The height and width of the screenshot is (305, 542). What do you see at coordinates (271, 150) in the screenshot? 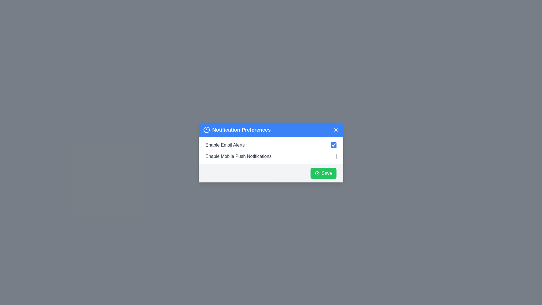
I see `the checkbox controls in the 'Notification Preferences' modal` at bounding box center [271, 150].